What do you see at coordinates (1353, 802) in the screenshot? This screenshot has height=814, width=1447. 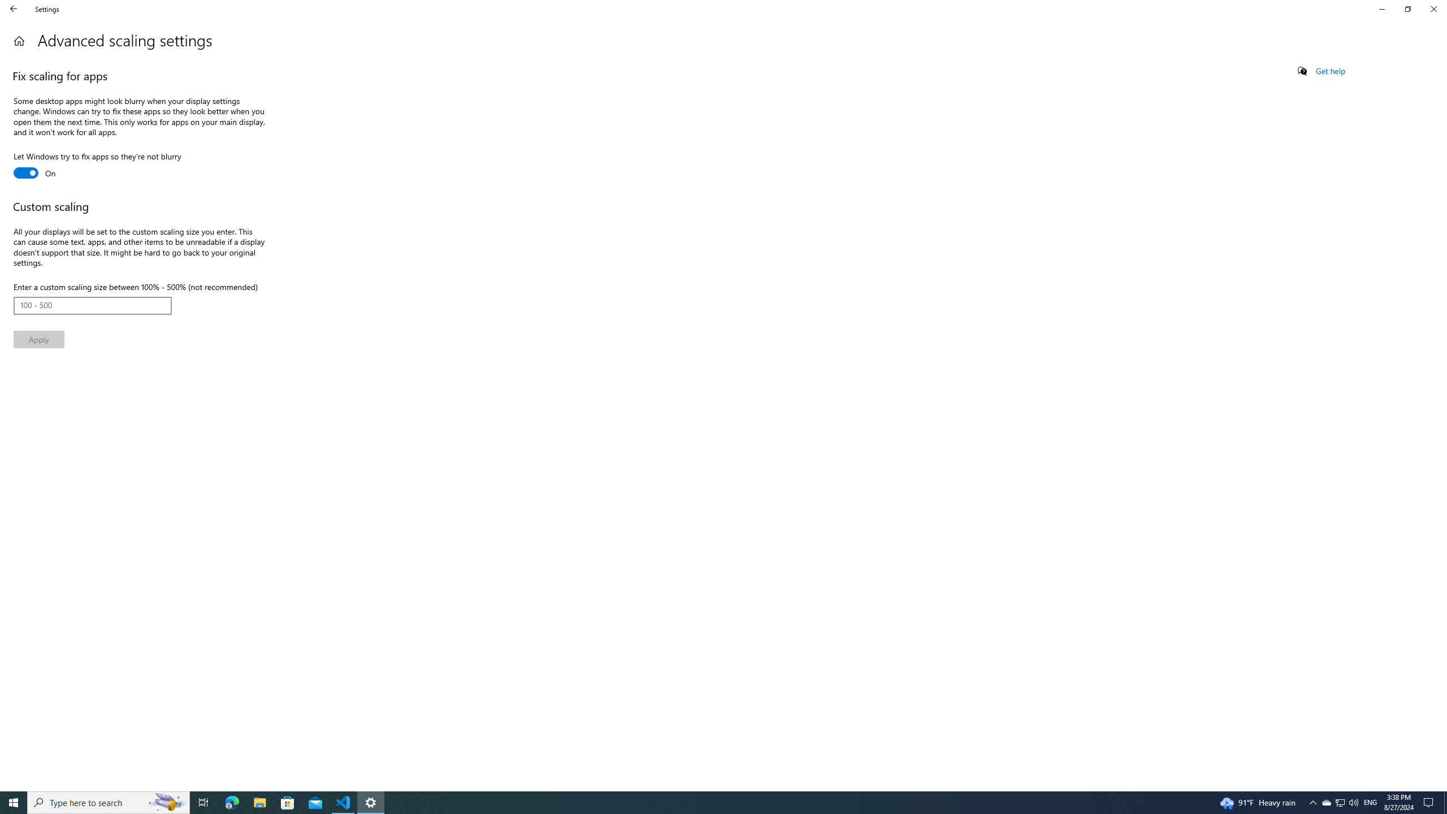 I see `'Q2790: 100%'` at bounding box center [1353, 802].